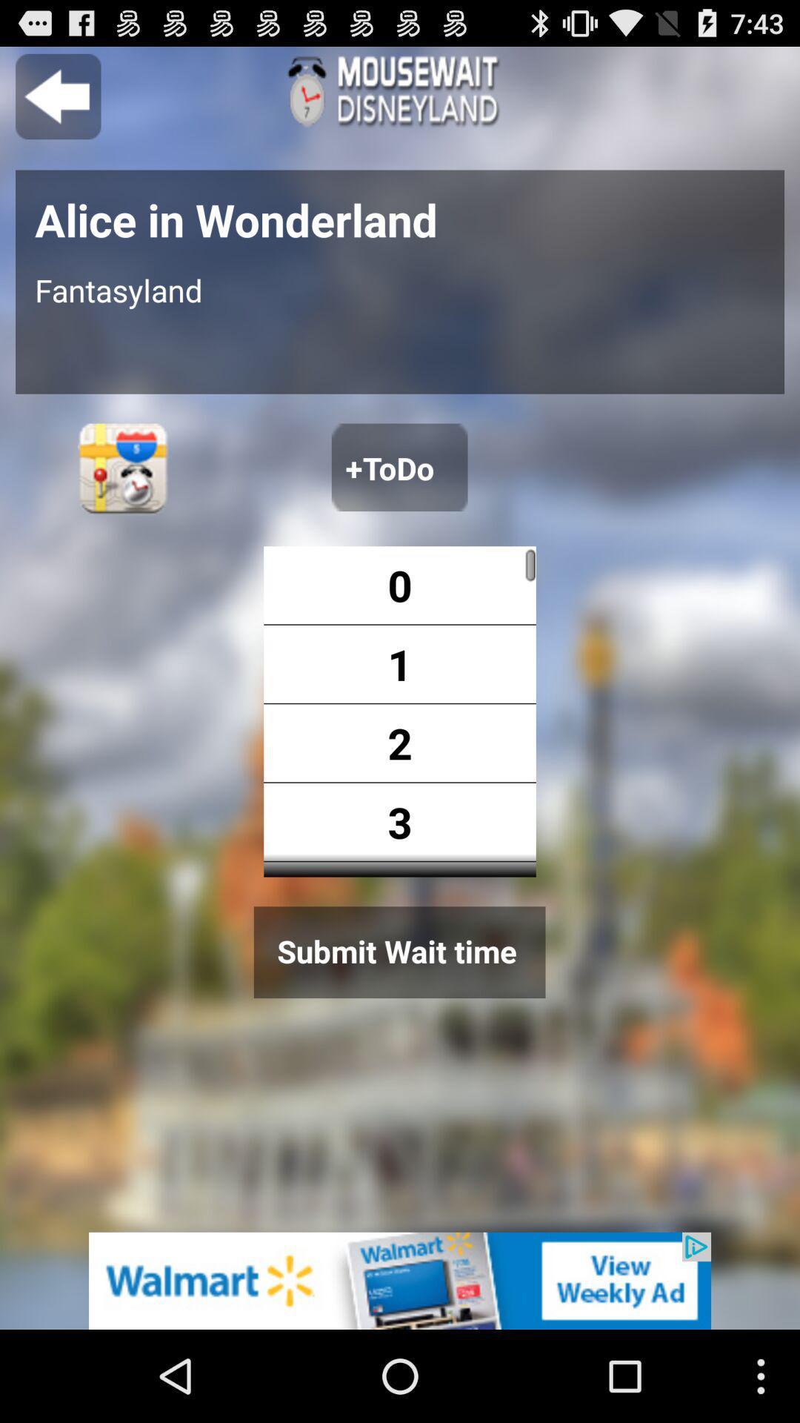 This screenshot has height=1423, width=800. What do you see at coordinates (400, 90) in the screenshot?
I see `game details` at bounding box center [400, 90].